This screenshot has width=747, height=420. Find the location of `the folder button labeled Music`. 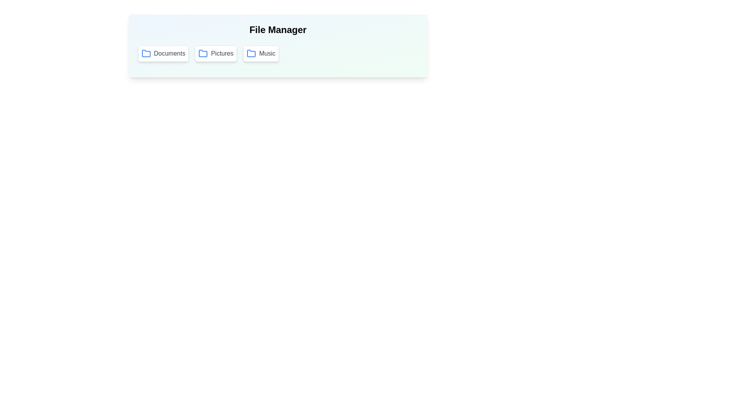

the folder button labeled Music is located at coordinates (261, 53).